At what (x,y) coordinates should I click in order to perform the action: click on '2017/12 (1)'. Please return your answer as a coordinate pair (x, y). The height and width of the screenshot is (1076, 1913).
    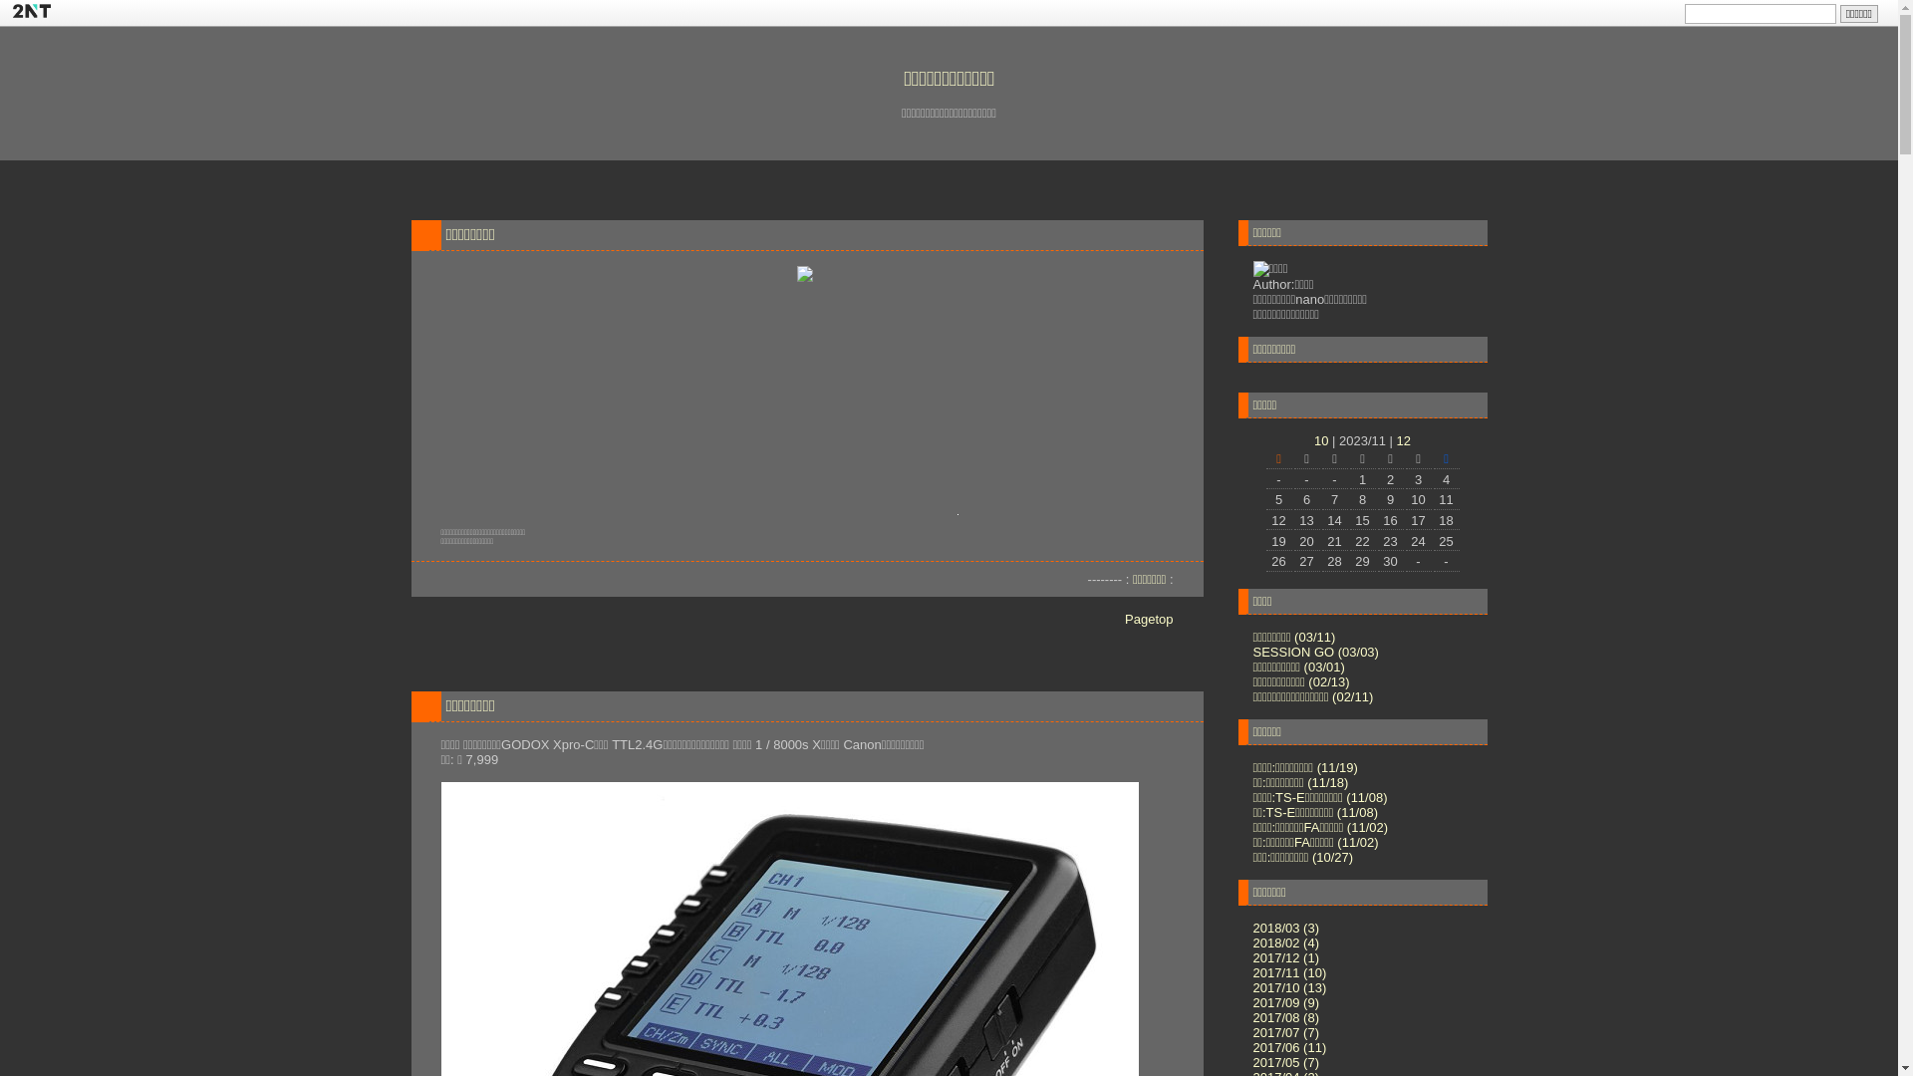
    Looking at the image, I should click on (1251, 956).